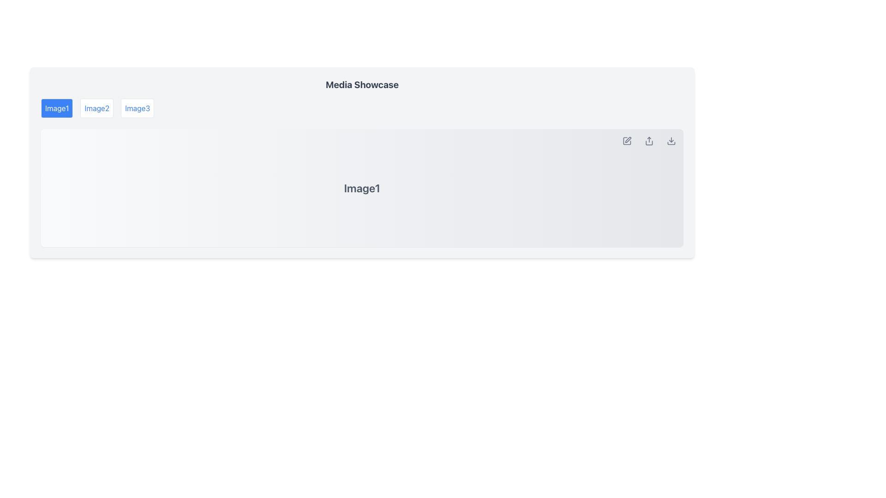 Image resolution: width=886 pixels, height=498 pixels. I want to click on the gray sharing icon, which resembles a tray with an upward arrow, located at the top-right corner of the component labeled 'Image1', so click(648, 141).